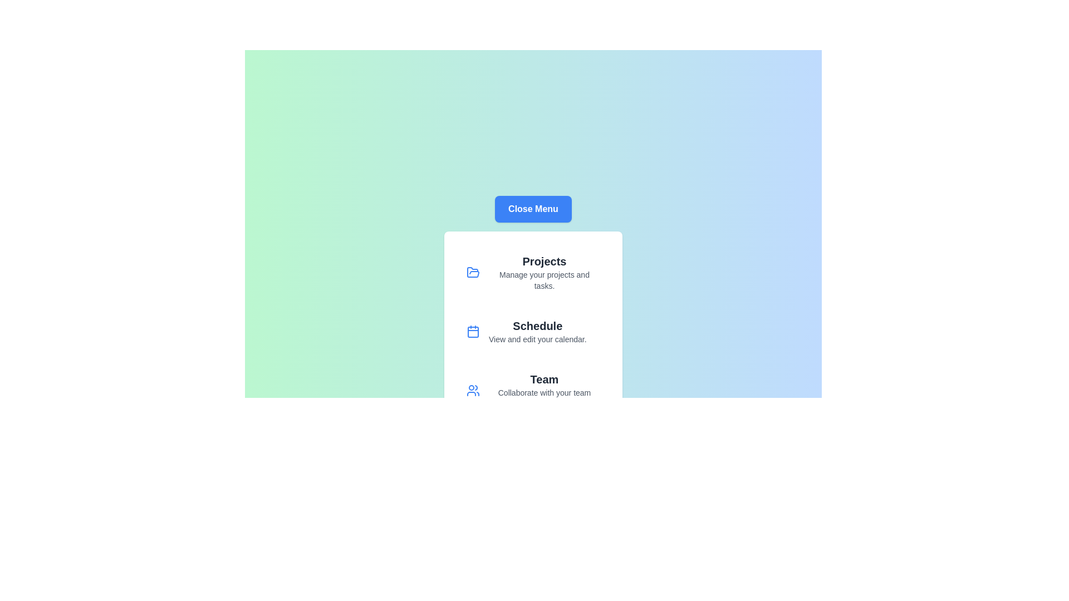 Image resolution: width=1069 pixels, height=601 pixels. What do you see at coordinates (473, 331) in the screenshot?
I see `the icon corresponding to Schedule` at bounding box center [473, 331].